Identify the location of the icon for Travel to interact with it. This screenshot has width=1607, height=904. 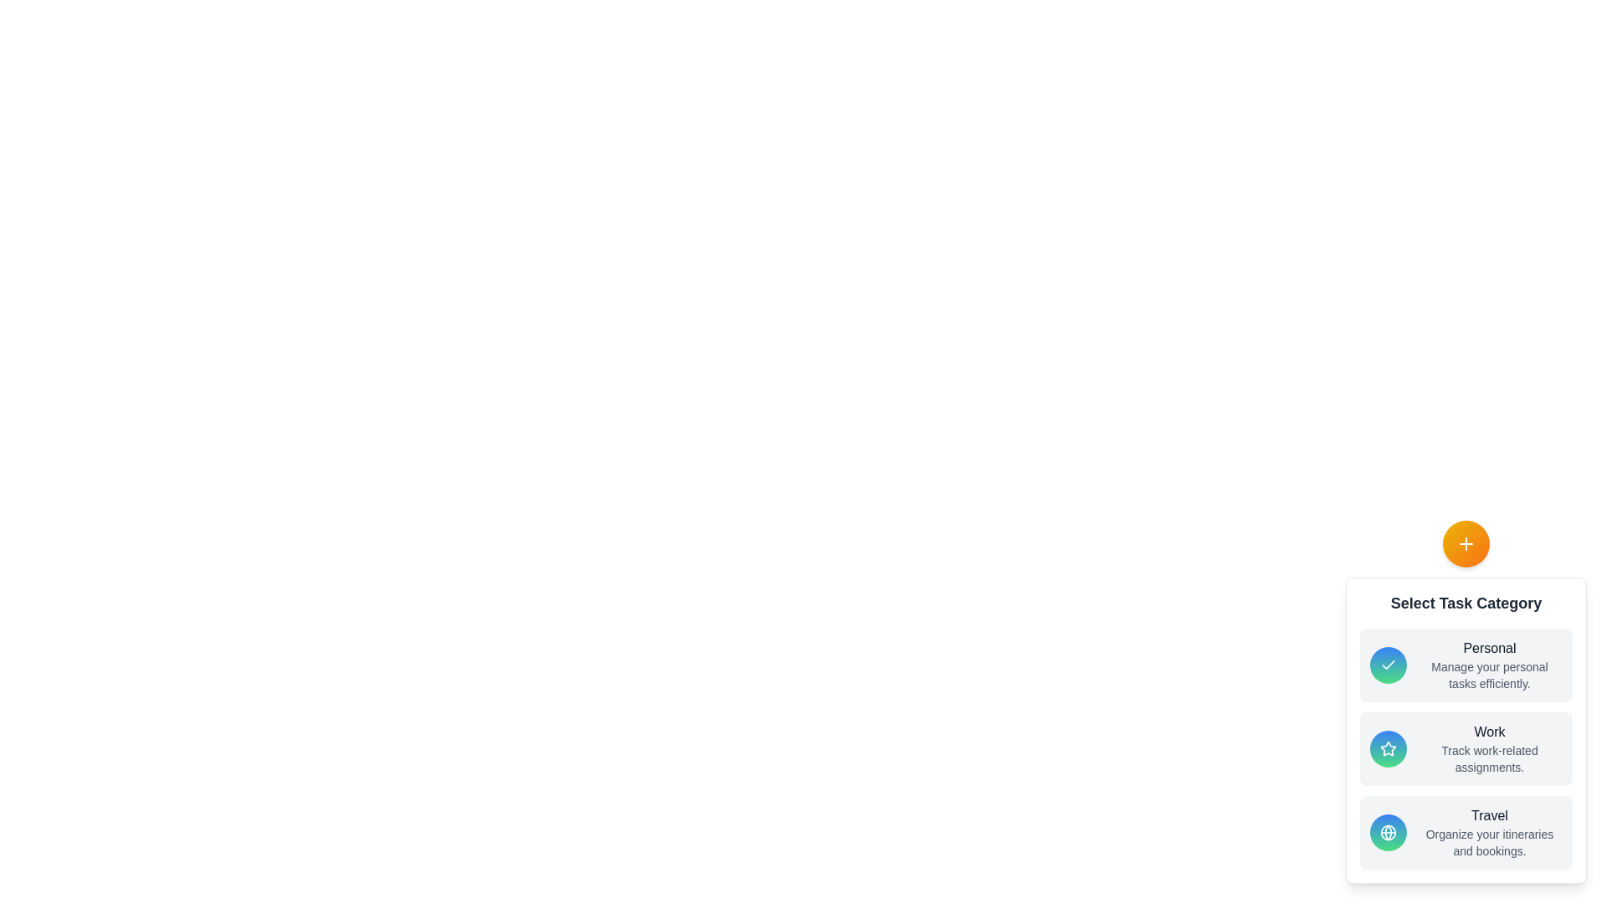
(1389, 833).